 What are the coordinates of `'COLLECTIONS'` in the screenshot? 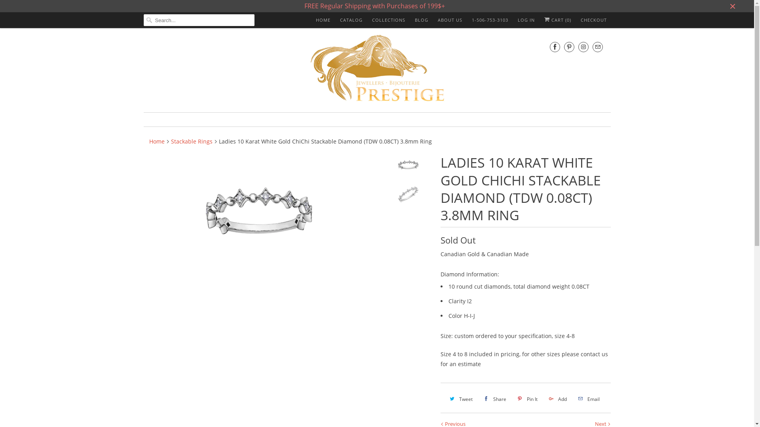 It's located at (389, 19).